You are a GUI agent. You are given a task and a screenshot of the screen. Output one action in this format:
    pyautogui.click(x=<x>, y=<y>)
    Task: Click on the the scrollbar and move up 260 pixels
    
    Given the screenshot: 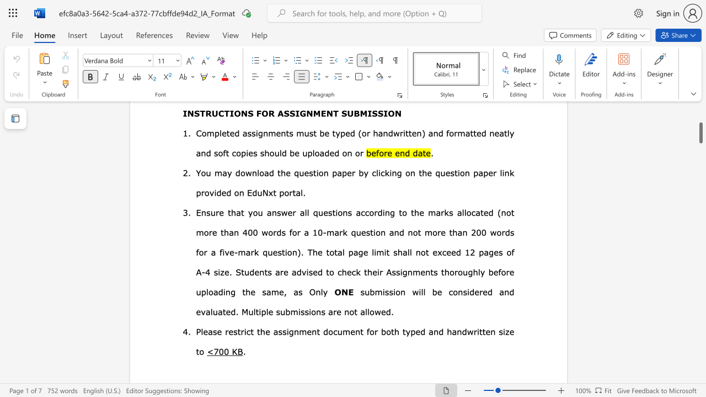 What is the action you would take?
    pyautogui.click(x=700, y=128)
    